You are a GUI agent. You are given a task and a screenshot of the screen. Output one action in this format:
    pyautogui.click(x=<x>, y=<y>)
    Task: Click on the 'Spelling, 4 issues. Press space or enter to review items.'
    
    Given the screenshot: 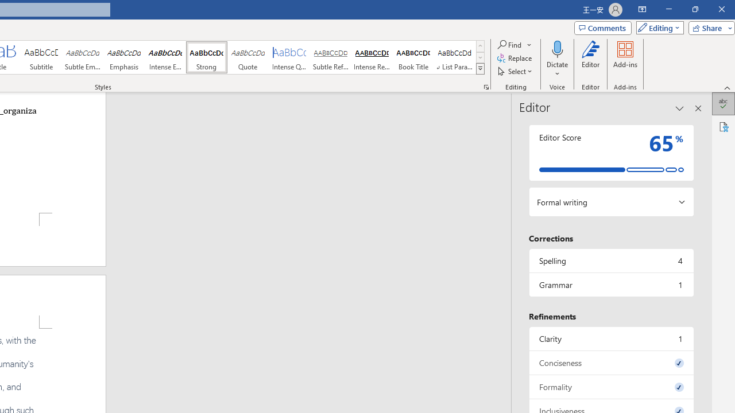 What is the action you would take?
    pyautogui.click(x=610, y=260)
    